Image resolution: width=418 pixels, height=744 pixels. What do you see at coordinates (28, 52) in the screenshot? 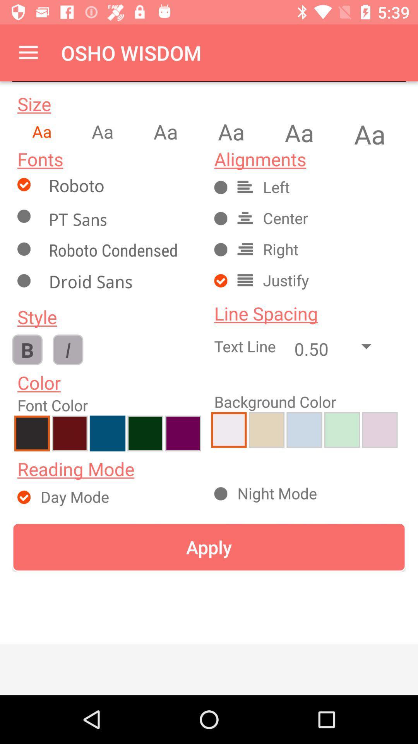
I see `the item to the left of osho wisdom` at bounding box center [28, 52].